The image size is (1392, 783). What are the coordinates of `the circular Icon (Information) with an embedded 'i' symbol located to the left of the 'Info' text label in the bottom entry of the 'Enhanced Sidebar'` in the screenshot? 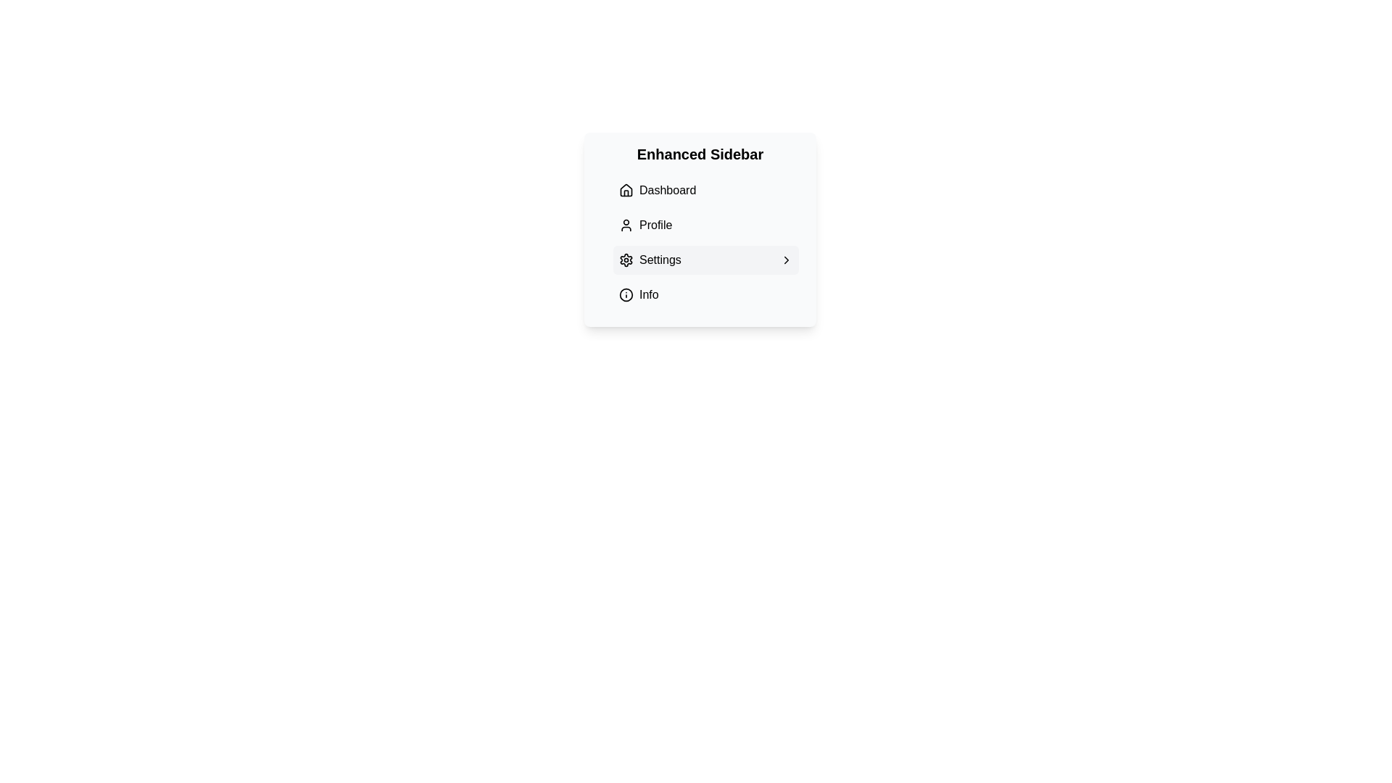 It's located at (626, 294).